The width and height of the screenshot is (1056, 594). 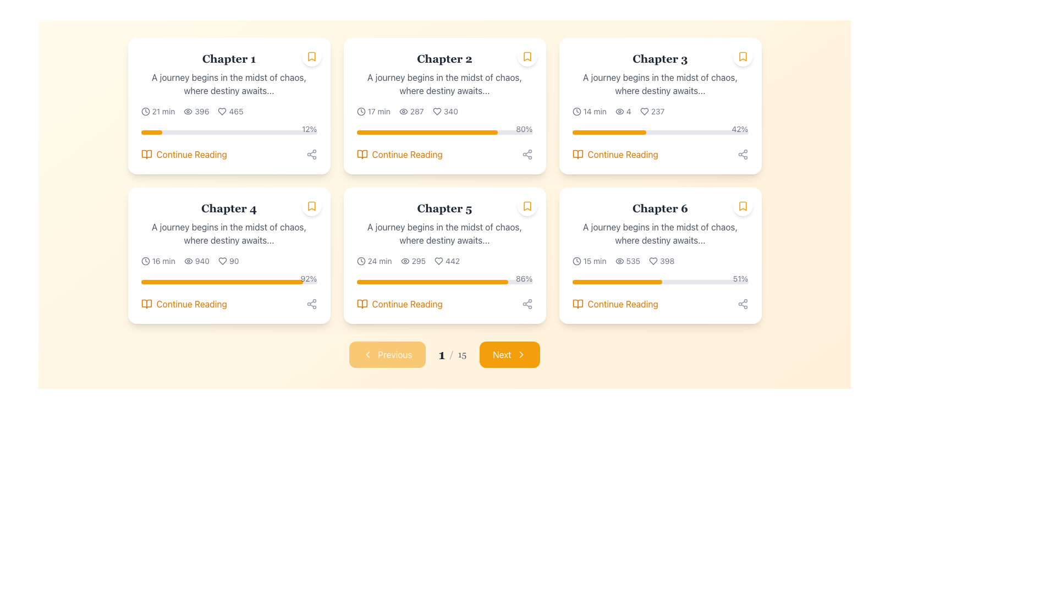 I want to click on the largest circular graphic in the clock-shaped icon located at the top left of the 'Chapter 2' card, just before the text '17 min', so click(x=361, y=112).